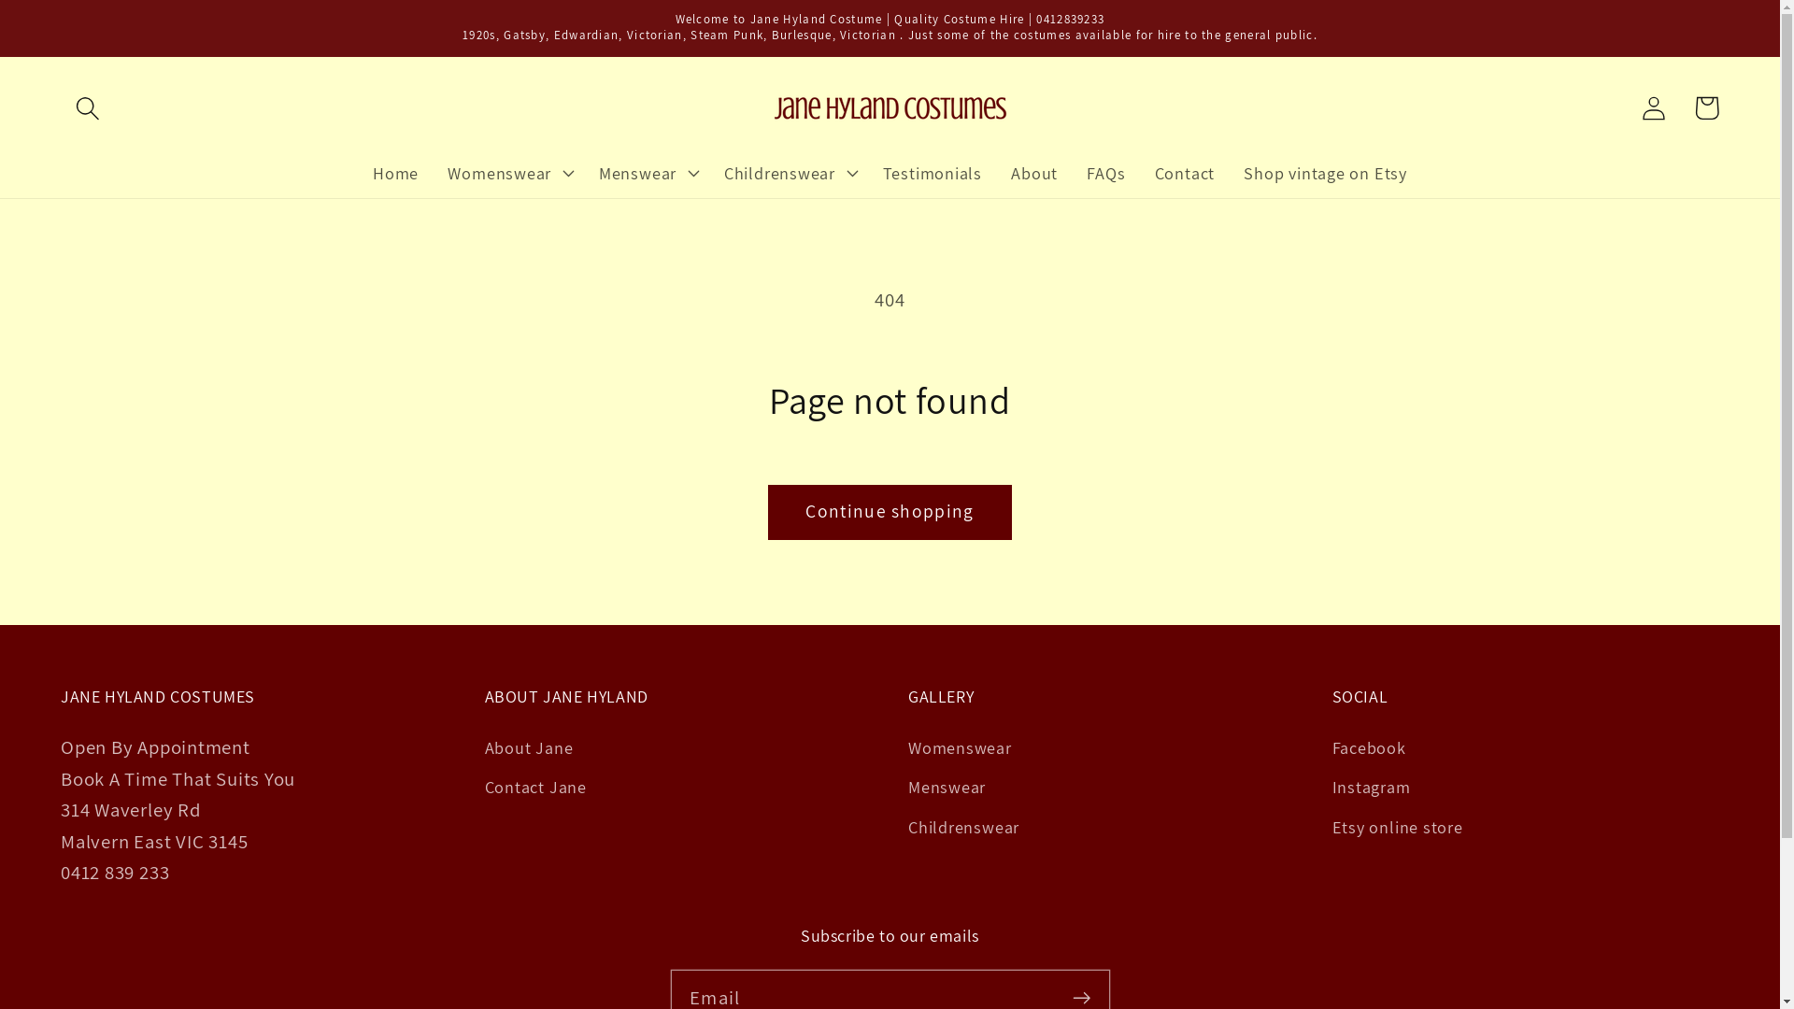  Describe the element at coordinates (1369, 749) in the screenshot. I see `'Facebook'` at that location.